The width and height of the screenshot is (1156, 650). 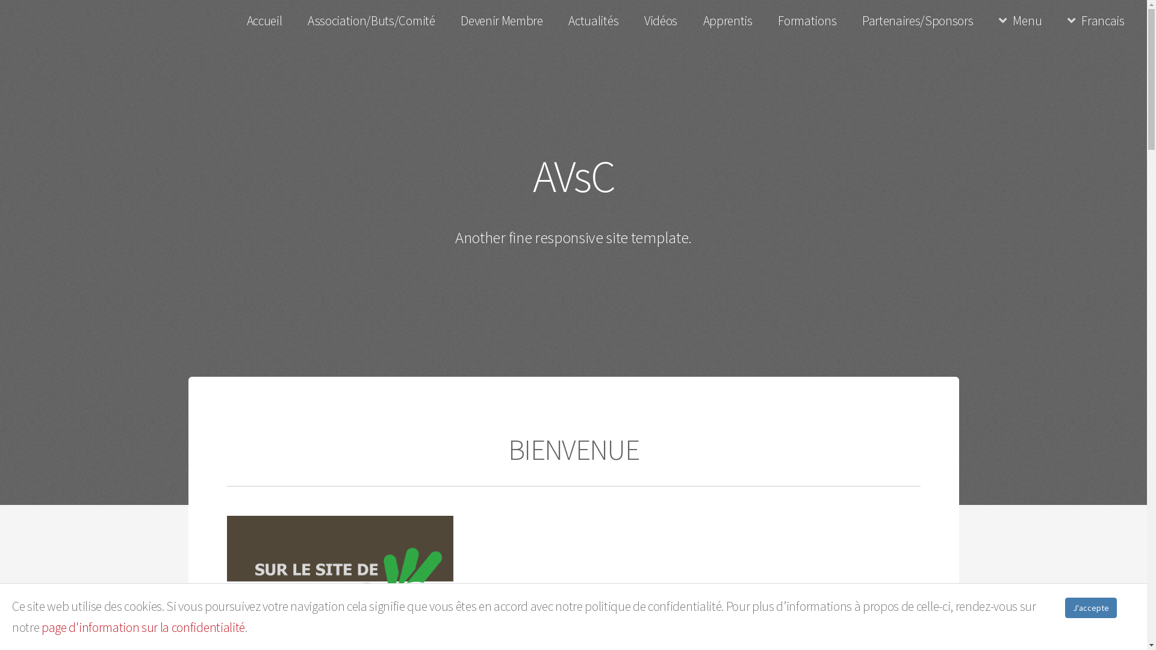 I want to click on 'Apprentis', so click(x=727, y=21).